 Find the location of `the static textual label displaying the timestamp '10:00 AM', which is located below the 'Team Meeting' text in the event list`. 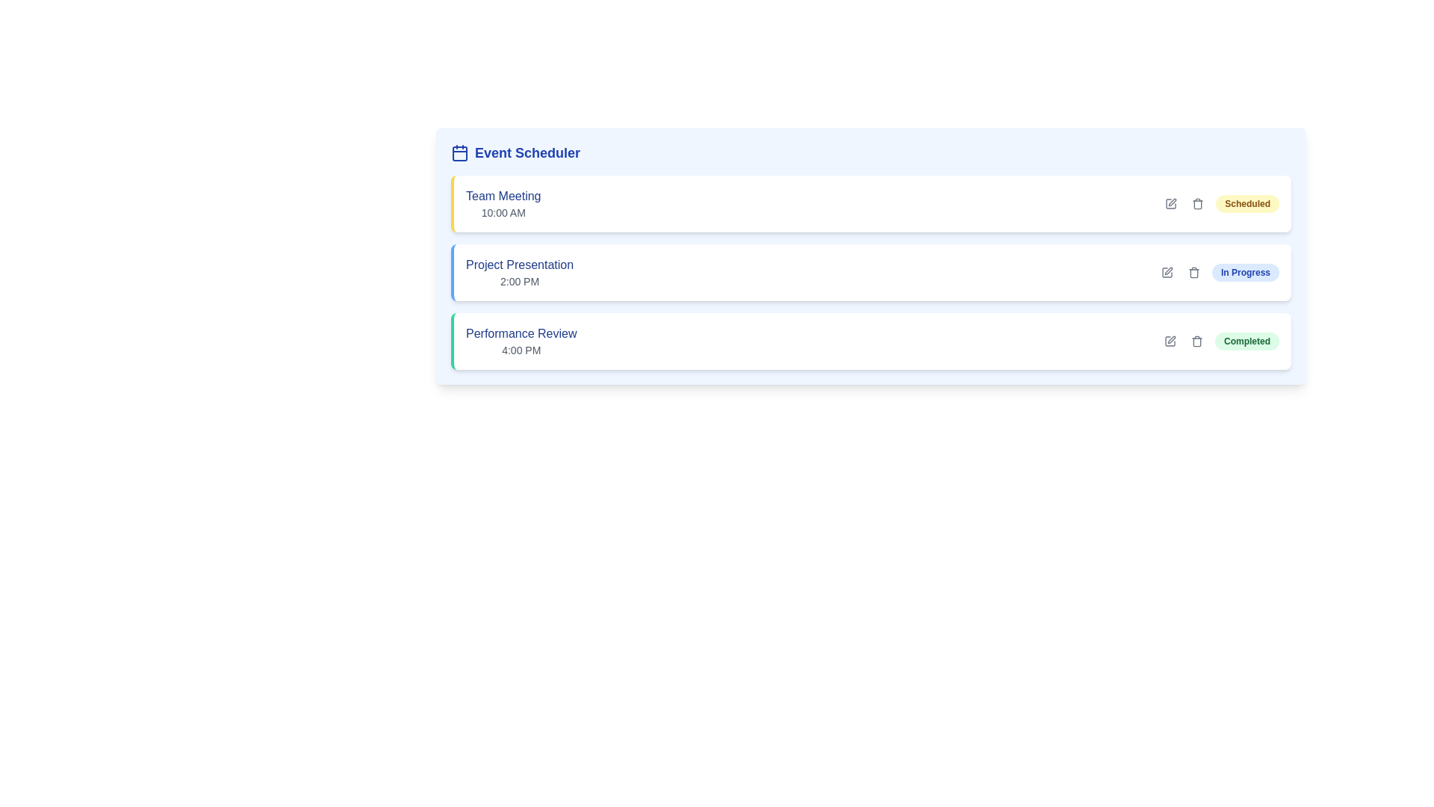

the static textual label displaying the timestamp '10:00 AM', which is located below the 'Team Meeting' text in the event list is located at coordinates (503, 213).